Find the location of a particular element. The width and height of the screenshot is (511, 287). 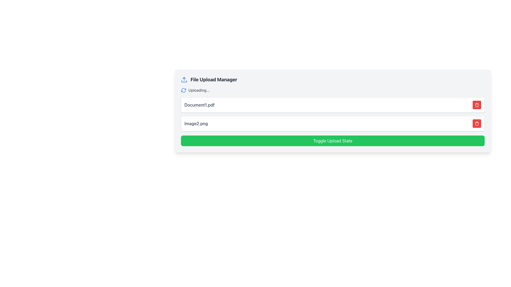

the spinning animation of the status indicator labeled 'Uploading...' with a blue icon, located below 'File Upload Manager' and above the 'Toggle Upload State' button is located at coordinates (332, 90).